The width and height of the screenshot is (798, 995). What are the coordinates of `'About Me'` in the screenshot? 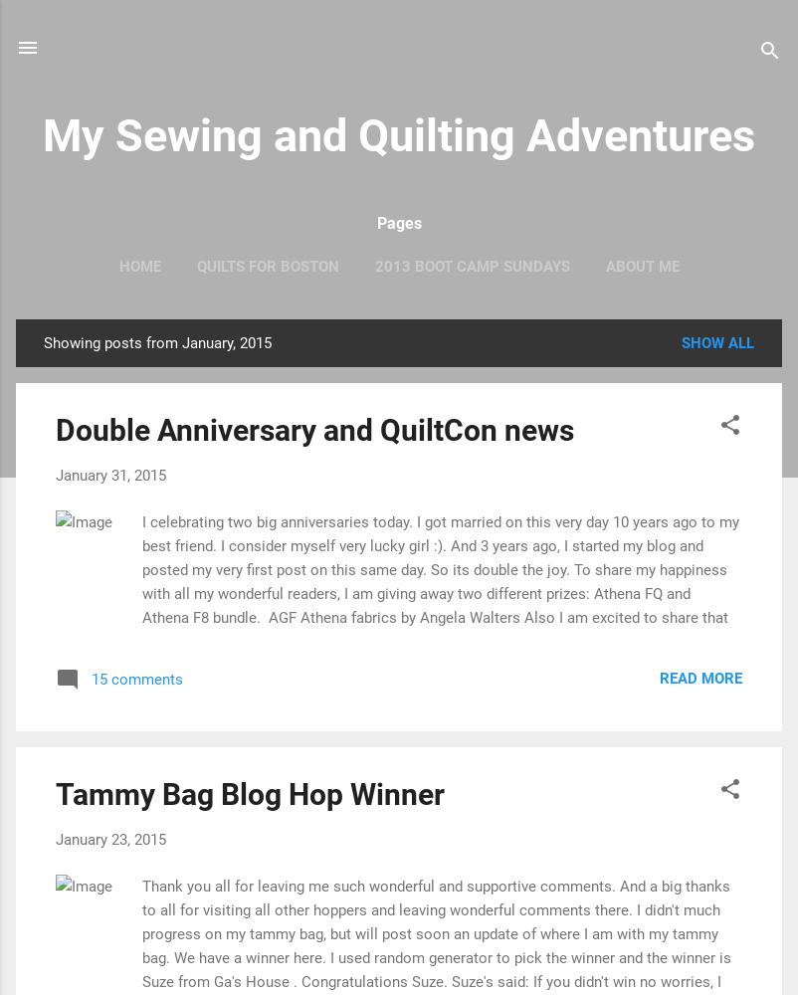 It's located at (641, 267).